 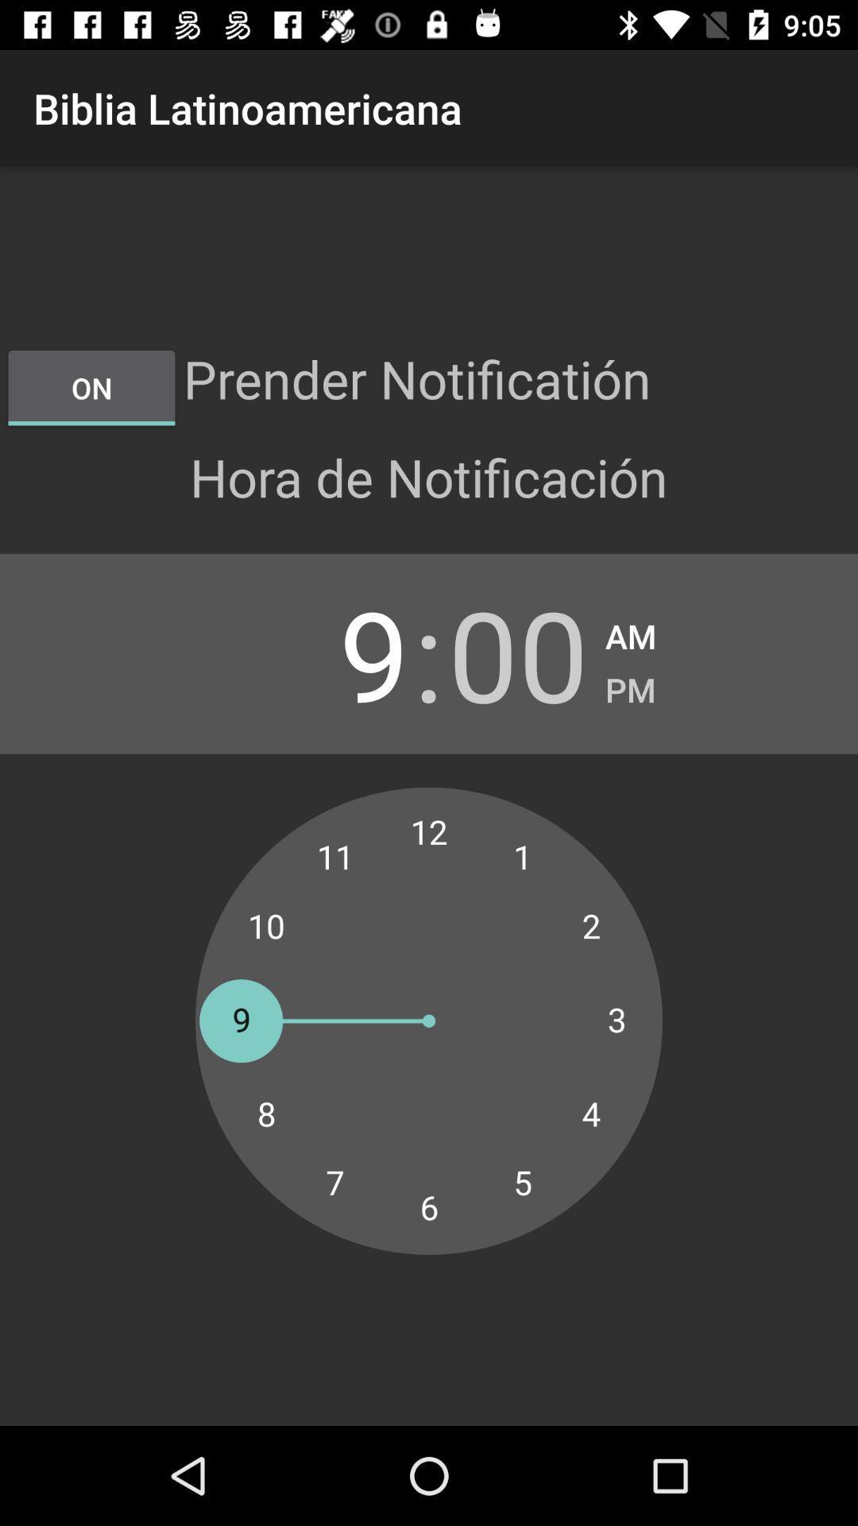 I want to click on 9 icon, so click(x=338, y=653).